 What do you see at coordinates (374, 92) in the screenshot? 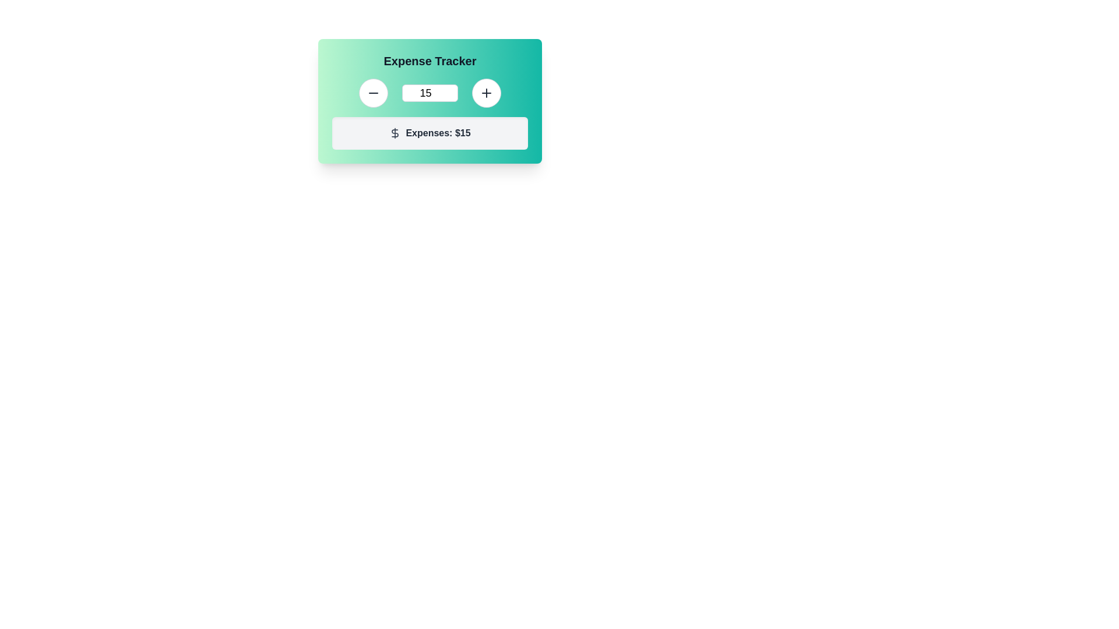
I see `the decrease value button in the Expense Tracker interface to trigger the hover effect` at bounding box center [374, 92].